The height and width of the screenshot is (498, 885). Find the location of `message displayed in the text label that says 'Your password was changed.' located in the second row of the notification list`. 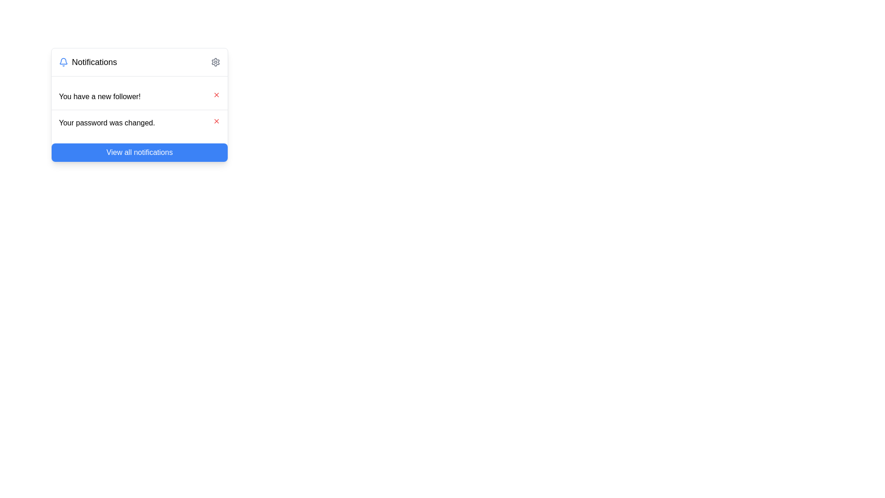

message displayed in the text label that says 'Your password was changed.' located in the second row of the notification list is located at coordinates (107, 122).